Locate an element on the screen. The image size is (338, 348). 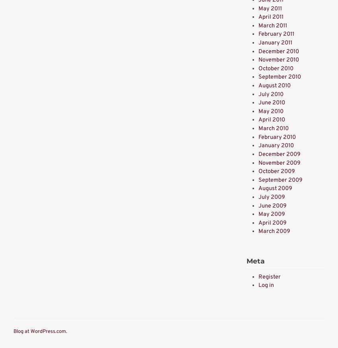
'January 2011' is located at coordinates (275, 42).